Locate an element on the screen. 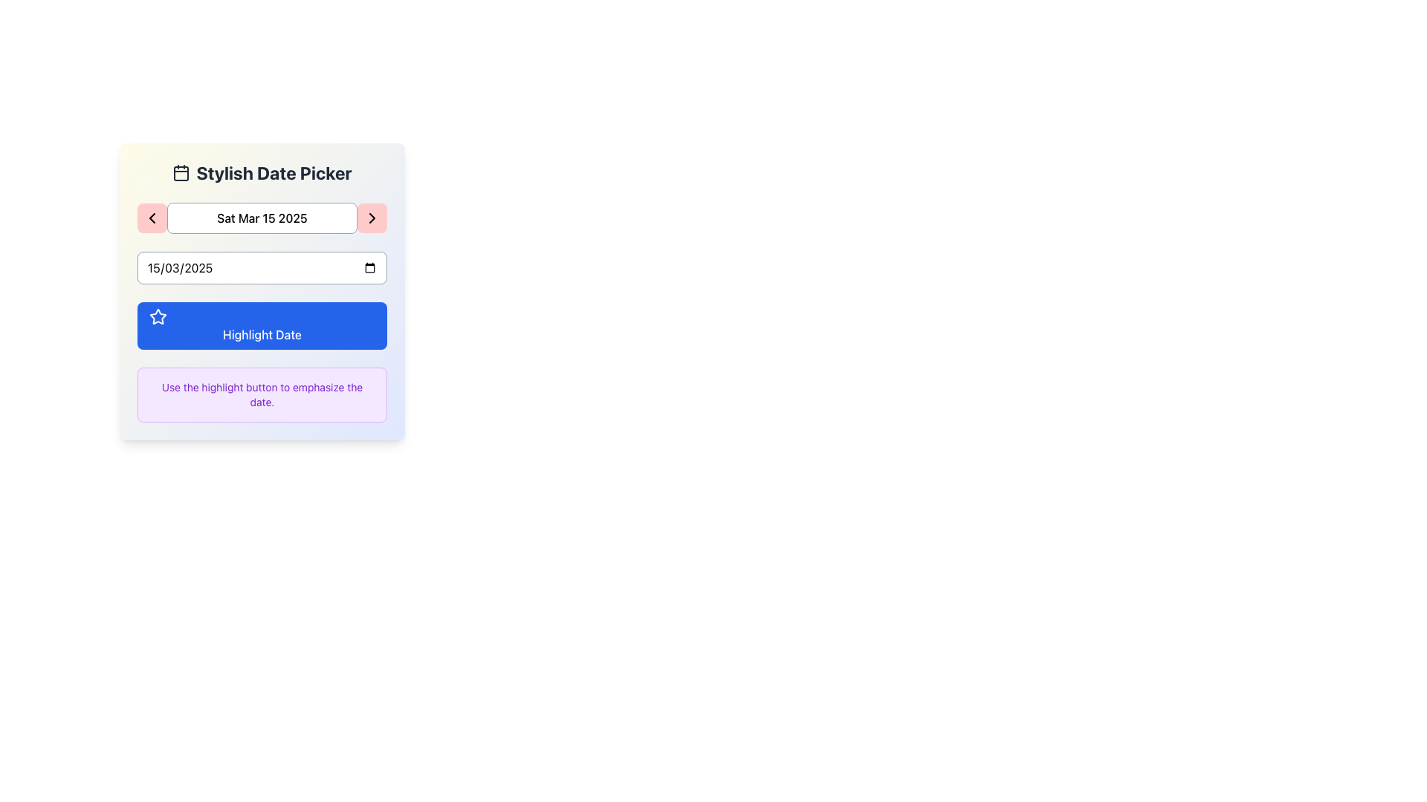 The height and width of the screenshot is (802, 1427). the button located to the right of the date display field, which displays 'Sat Mar 15 2025' is located at coordinates (372, 218).